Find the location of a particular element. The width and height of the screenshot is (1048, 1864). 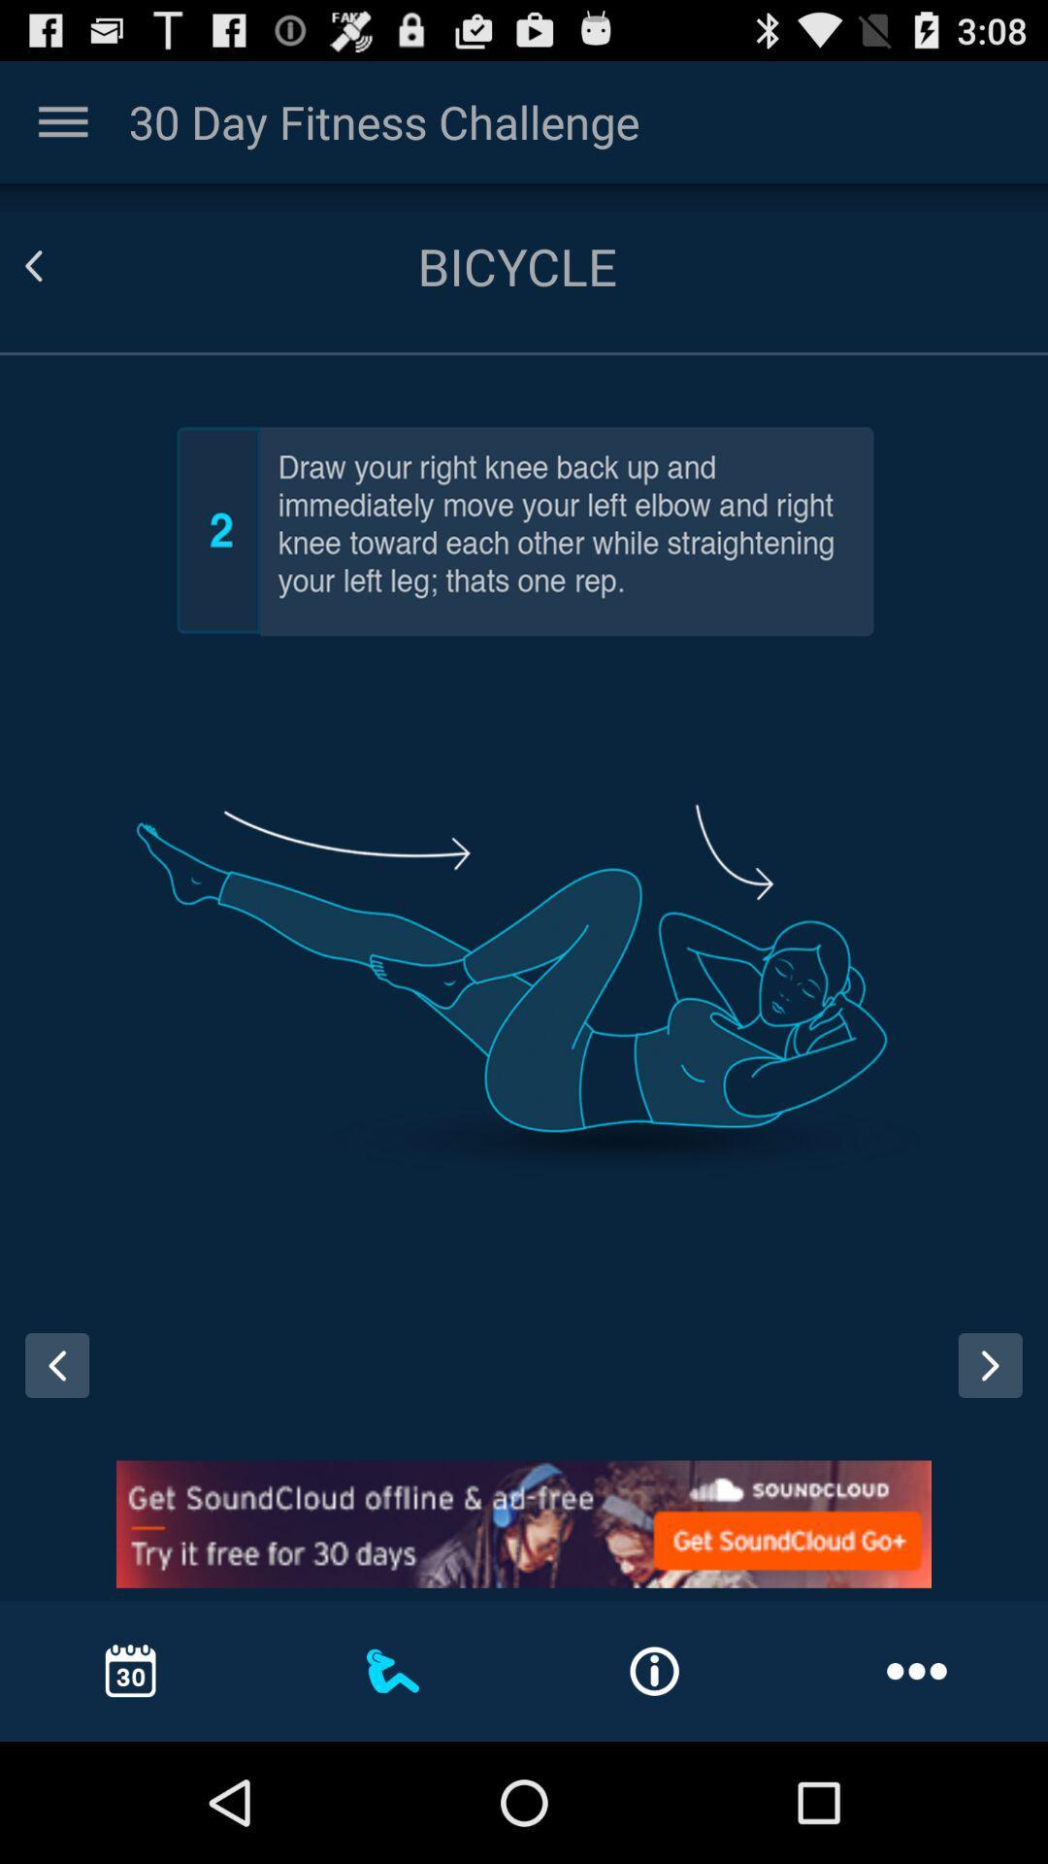

back the page is located at coordinates (56, 265).